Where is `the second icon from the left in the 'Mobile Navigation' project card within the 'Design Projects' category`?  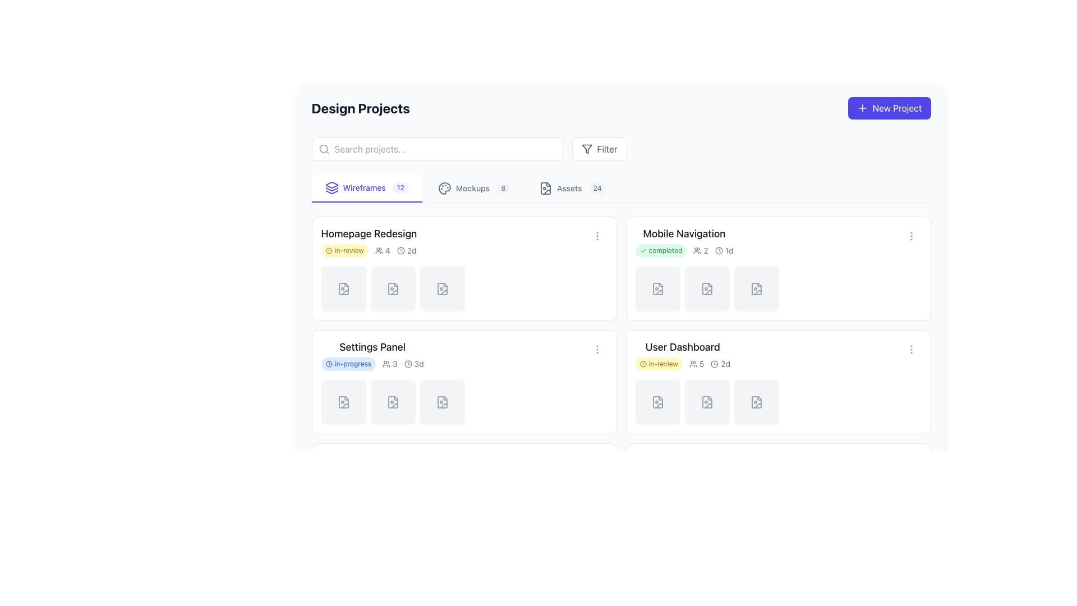 the second icon from the left in the 'Mobile Navigation' project card within the 'Design Projects' category is located at coordinates (657, 288).